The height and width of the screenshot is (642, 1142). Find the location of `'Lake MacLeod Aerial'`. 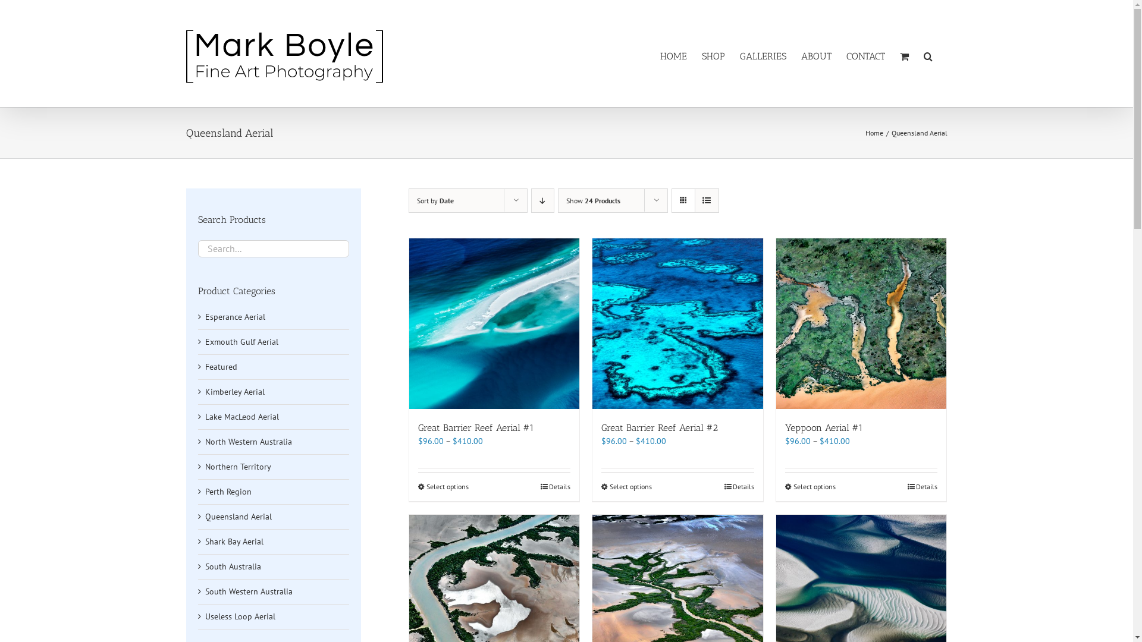

'Lake MacLeod Aerial' is located at coordinates (241, 416).